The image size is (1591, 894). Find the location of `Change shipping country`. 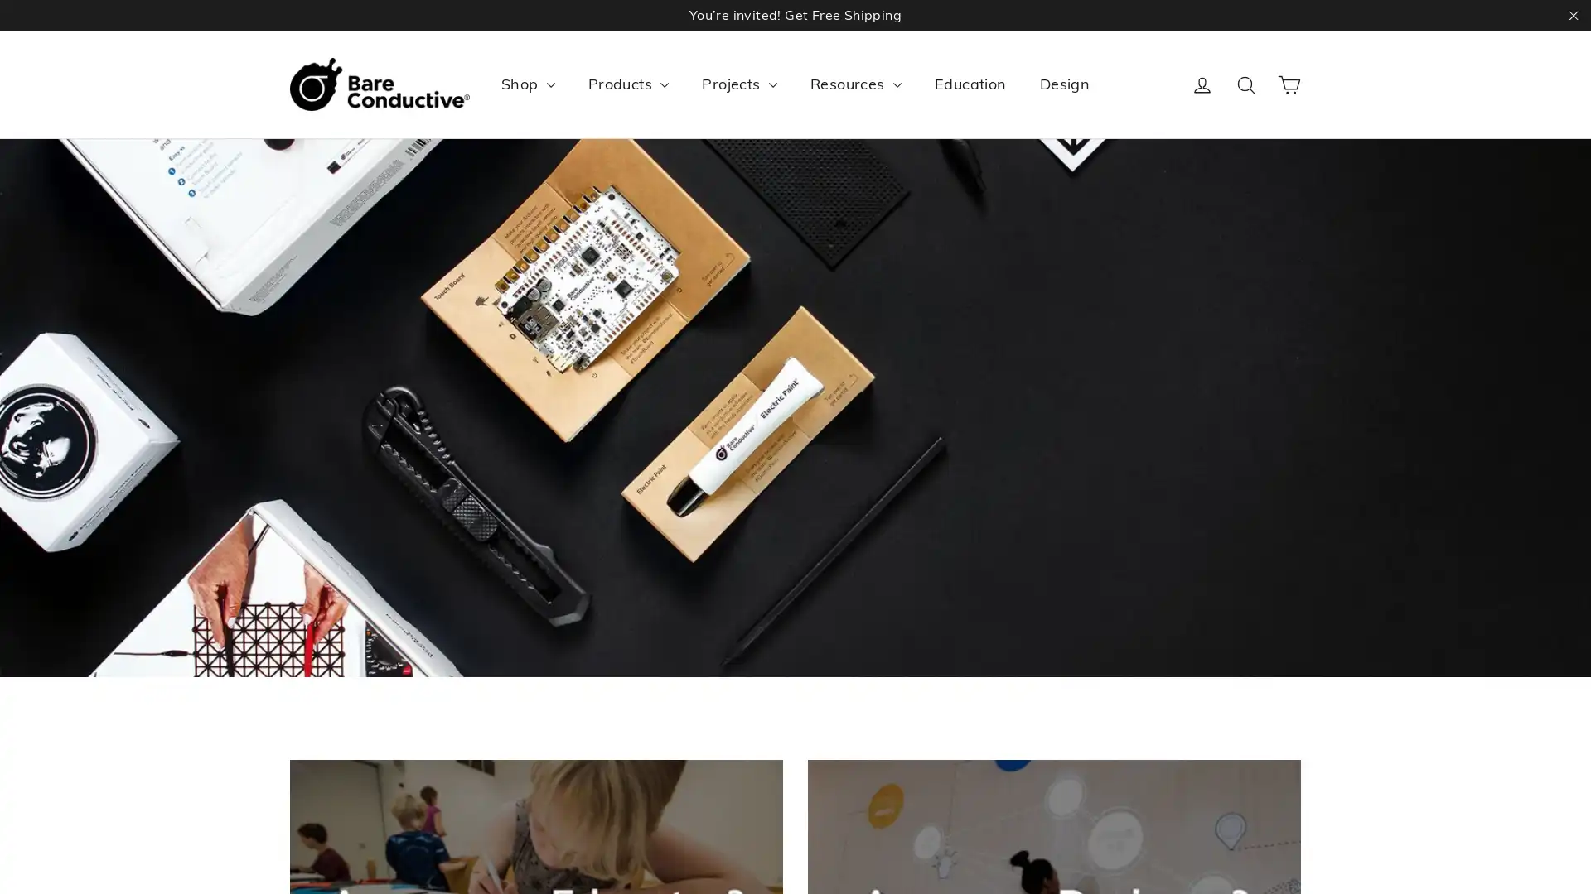

Change shipping country is located at coordinates (794, 567).